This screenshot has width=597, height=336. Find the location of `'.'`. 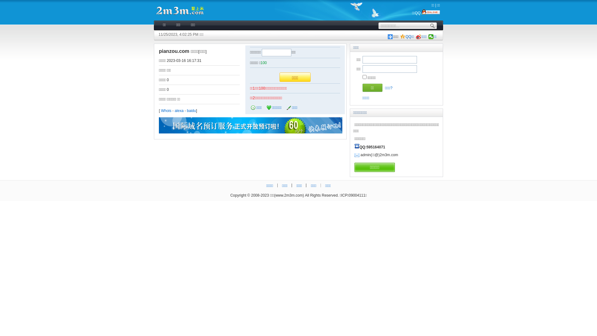

'.' is located at coordinates (432, 25).